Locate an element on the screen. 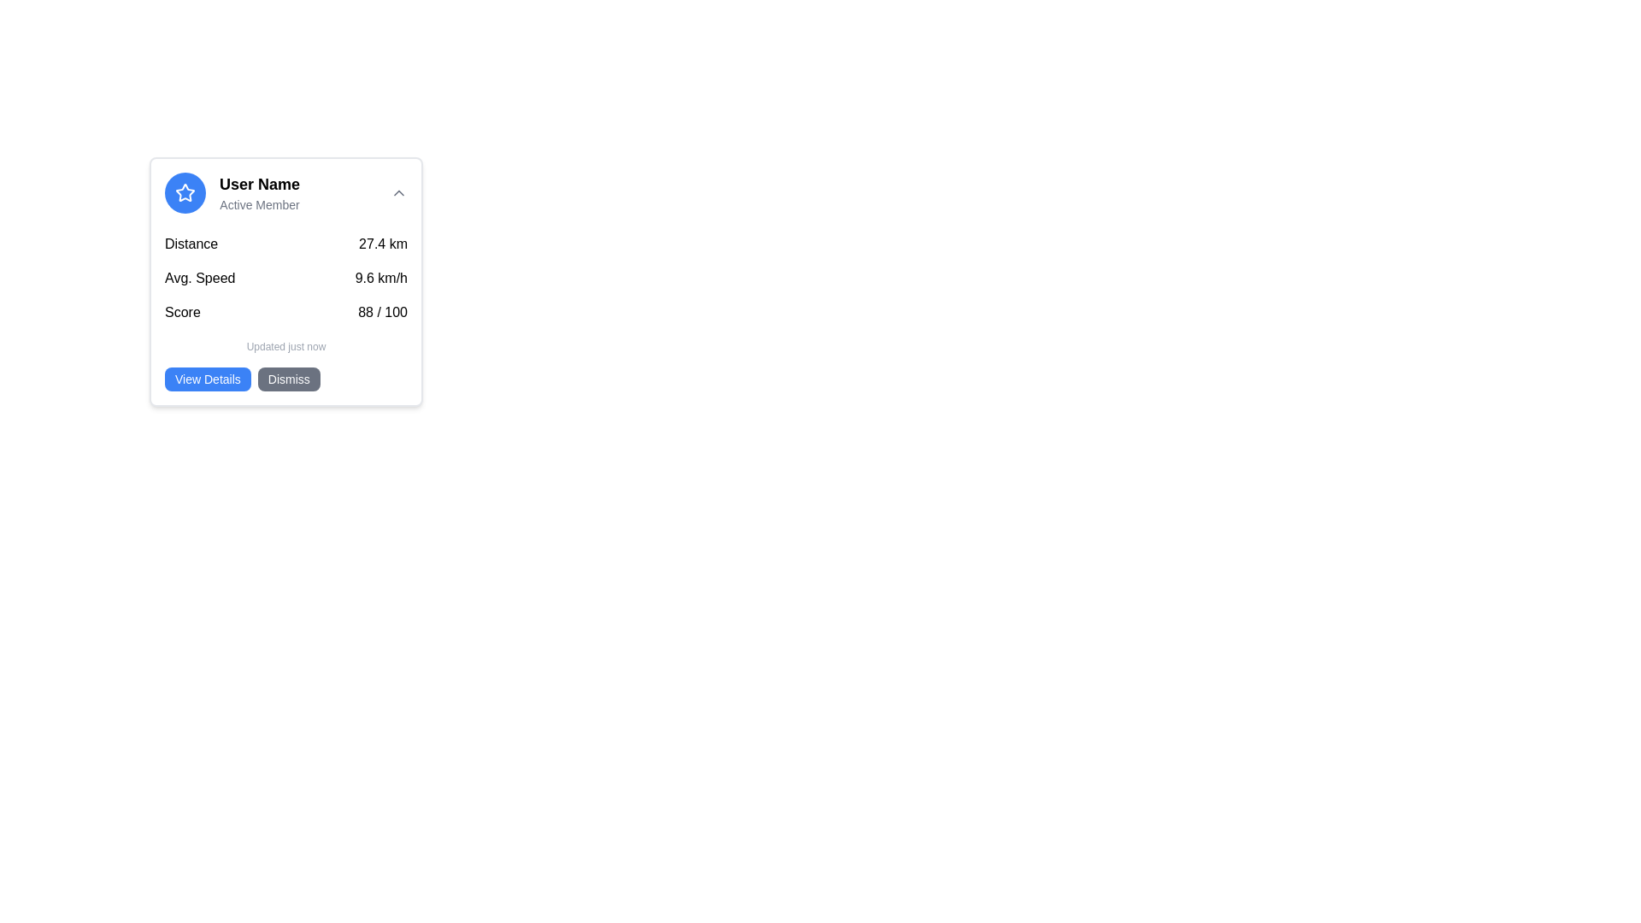  the chevron icon located at the top-right corner of the user information section is located at coordinates (397, 192).